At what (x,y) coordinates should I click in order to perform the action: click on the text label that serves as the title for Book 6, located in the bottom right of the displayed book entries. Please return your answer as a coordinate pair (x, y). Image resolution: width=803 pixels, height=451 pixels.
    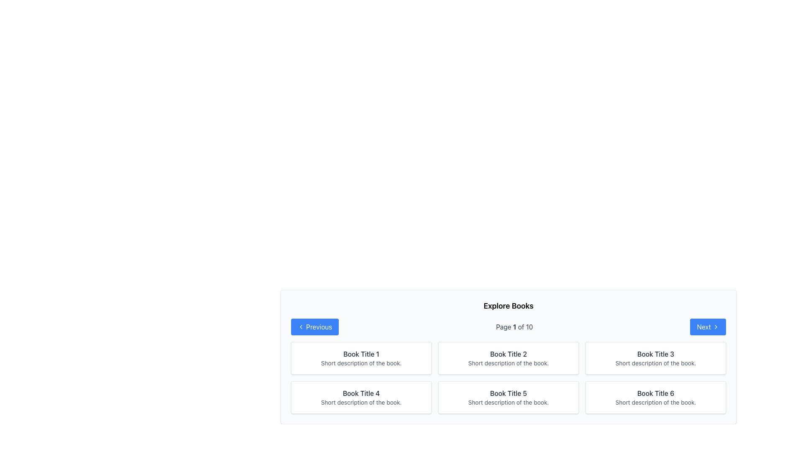
    Looking at the image, I should click on (655, 393).